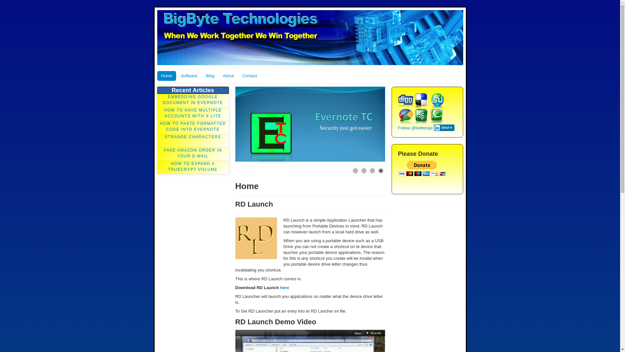 The image size is (625, 352). Describe the element at coordinates (421, 116) in the screenshot. I see `'newsvine'` at that location.